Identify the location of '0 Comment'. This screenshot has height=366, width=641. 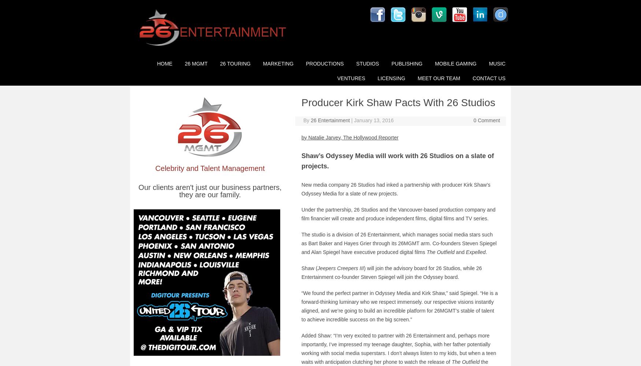
(486, 120).